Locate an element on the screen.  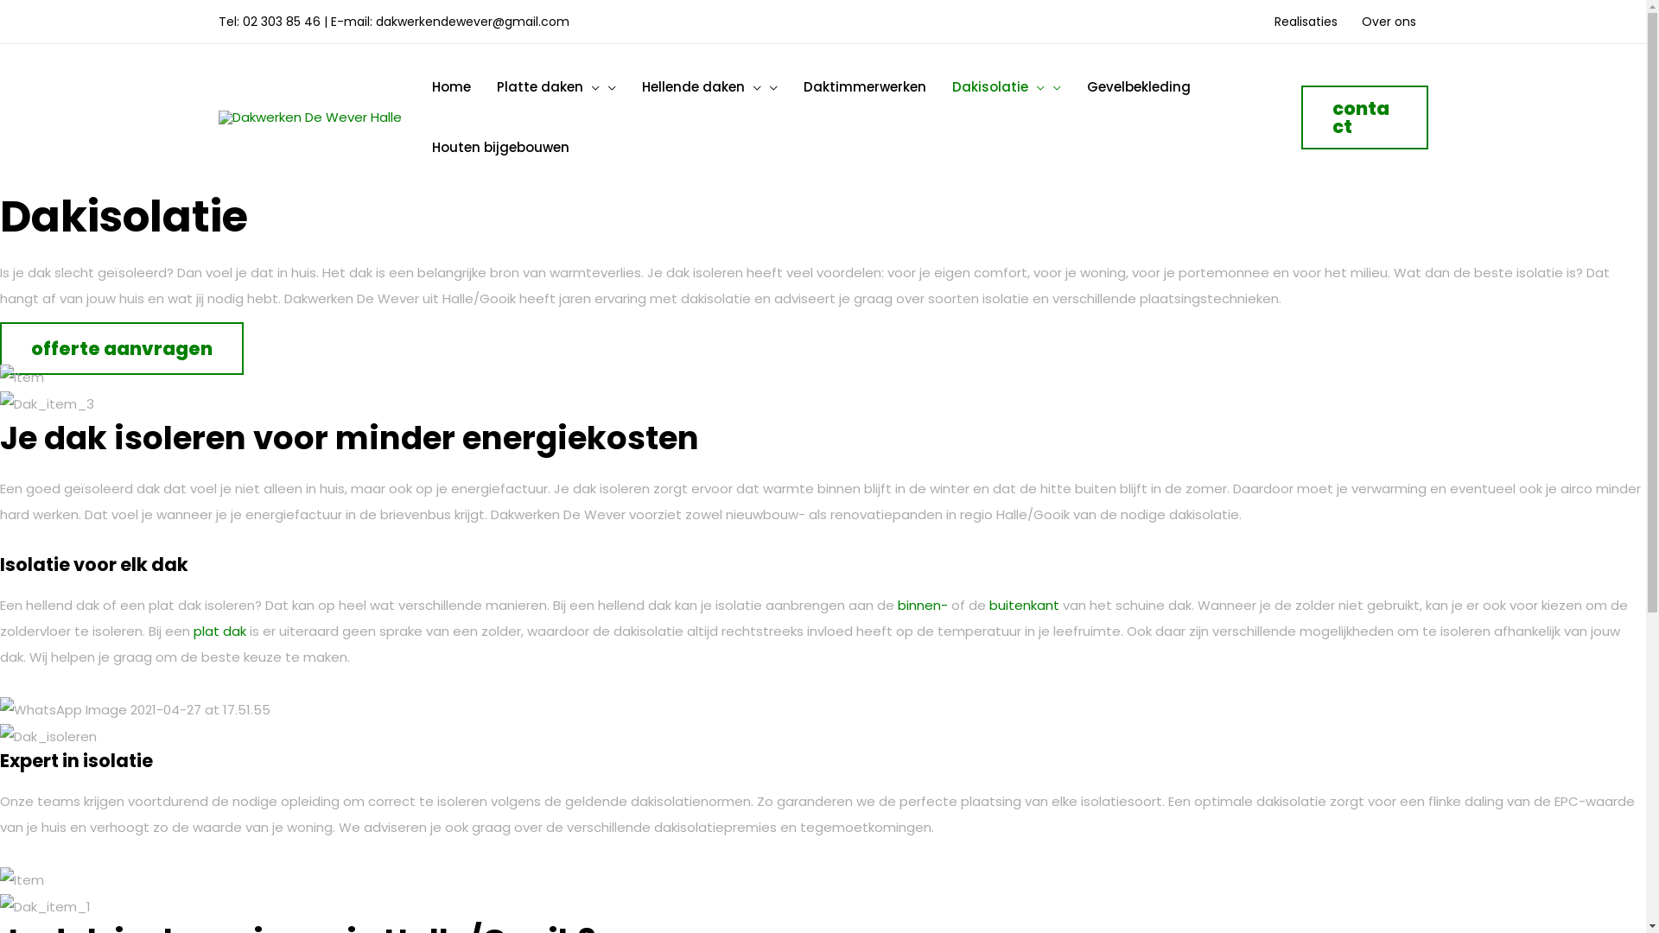
'plat dak' is located at coordinates (219, 631).